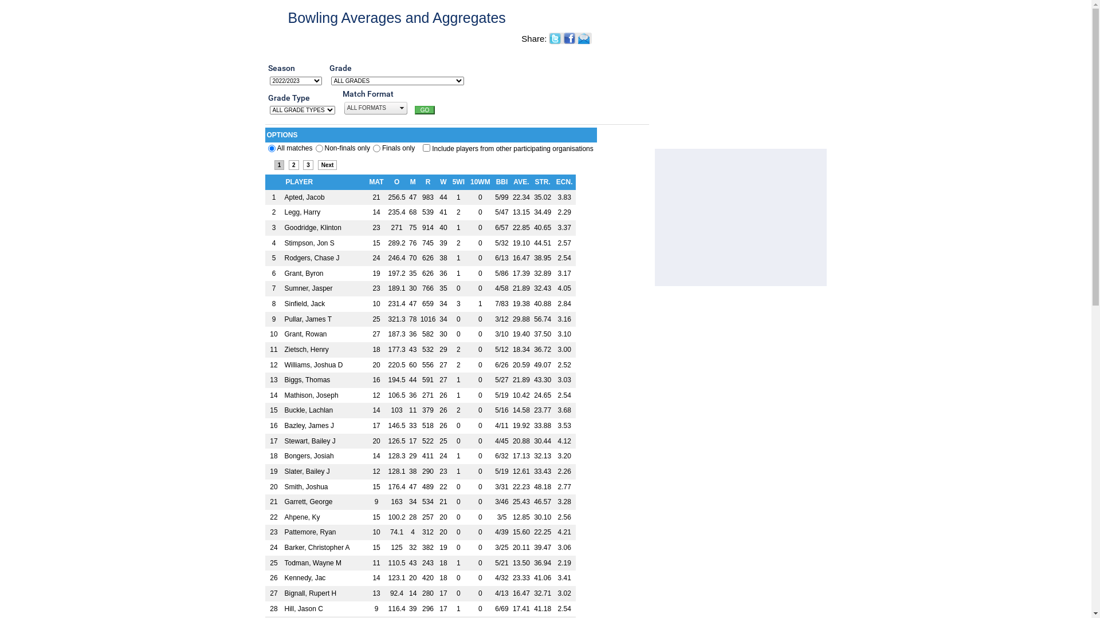  I want to click on '22 Ahpene, Ky 15 100.2 28 257 20 0 0 3/5 12.85 30.10 2.56', so click(419, 517).